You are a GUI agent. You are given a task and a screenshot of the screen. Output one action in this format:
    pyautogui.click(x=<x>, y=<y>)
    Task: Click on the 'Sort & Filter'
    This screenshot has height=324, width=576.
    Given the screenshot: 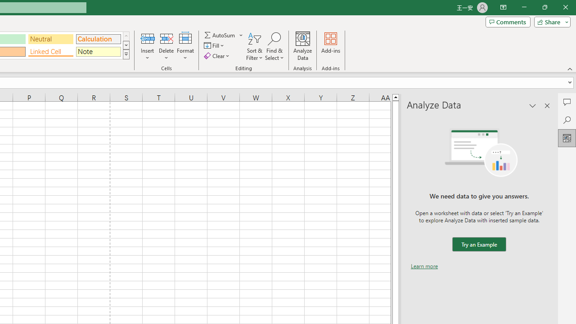 What is the action you would take?
    pyautogui.click(x=254, y=46)
    